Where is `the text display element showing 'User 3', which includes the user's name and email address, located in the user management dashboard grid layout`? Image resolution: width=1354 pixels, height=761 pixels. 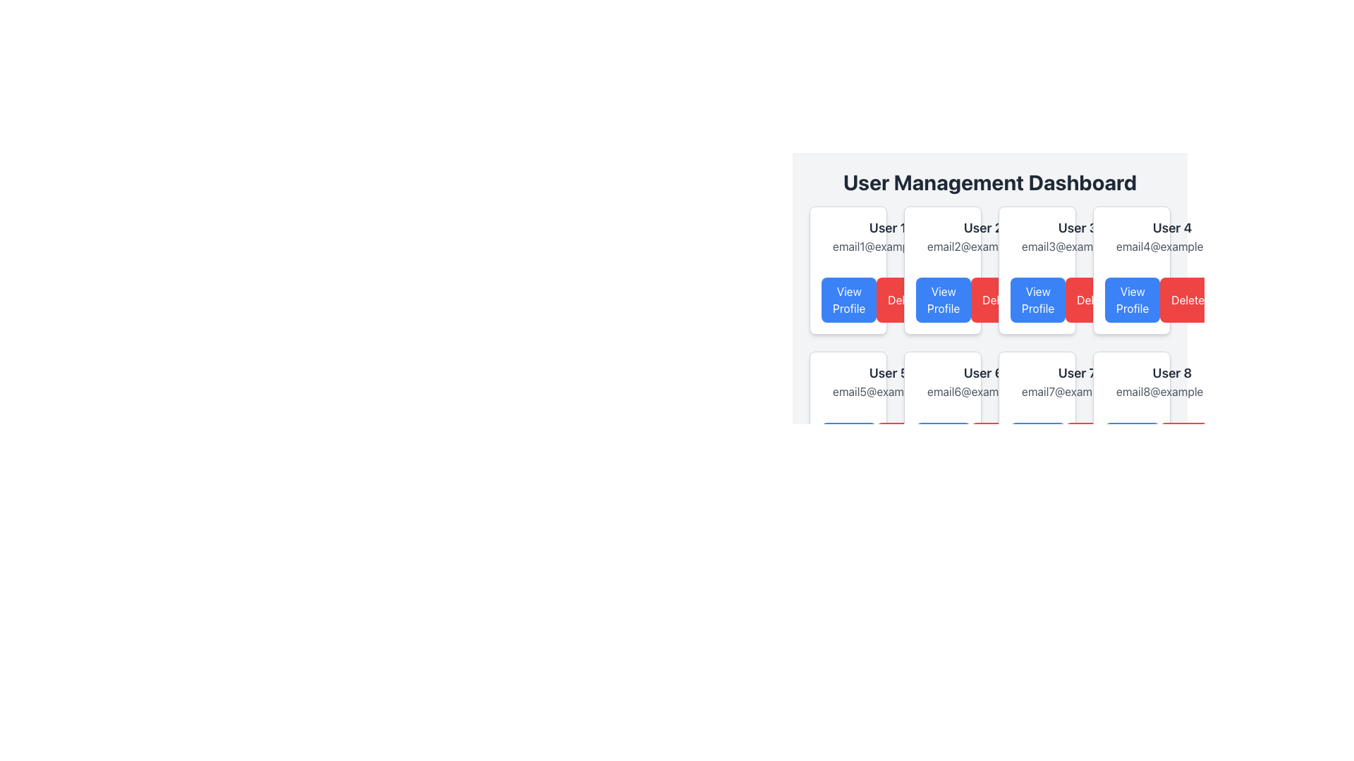
the text display element showing 'User 3', which includes the user's name and email address, located in the user management dashboard grid layout is located at coordinates (1077, 235).